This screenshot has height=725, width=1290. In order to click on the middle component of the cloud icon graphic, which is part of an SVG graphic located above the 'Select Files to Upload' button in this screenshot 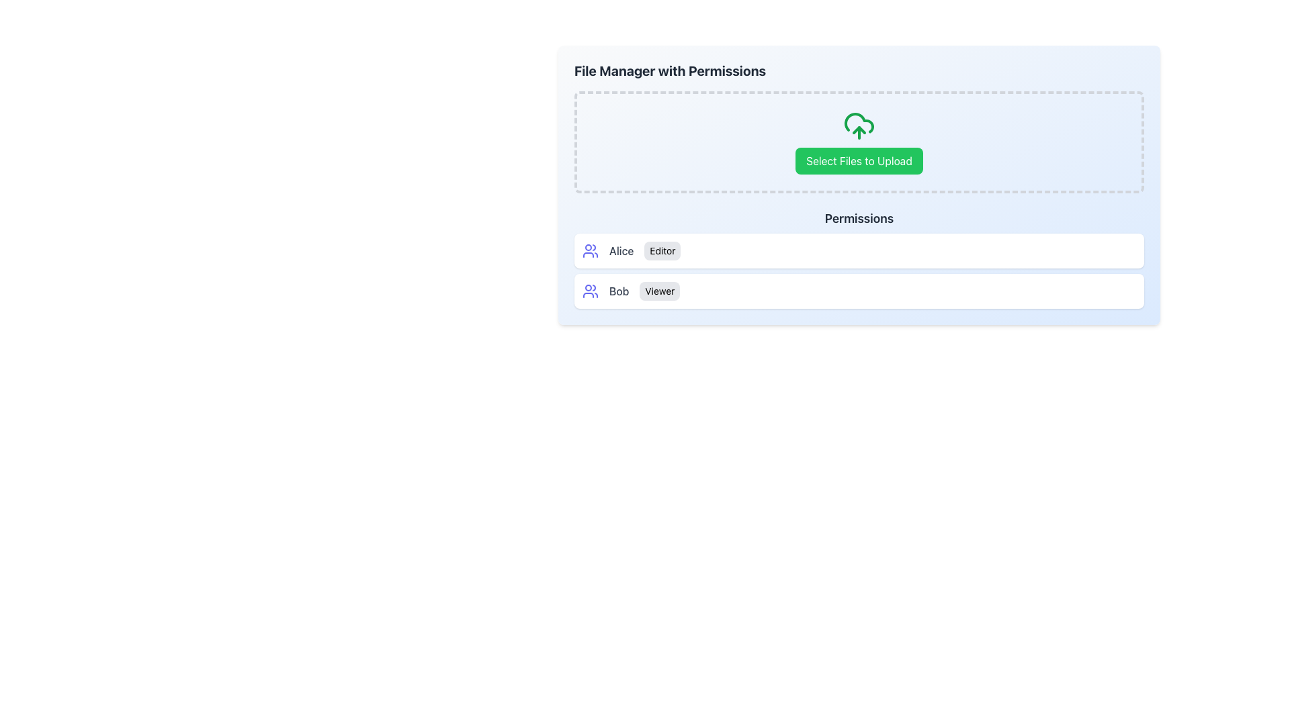, I will do `click(858, 123)`.